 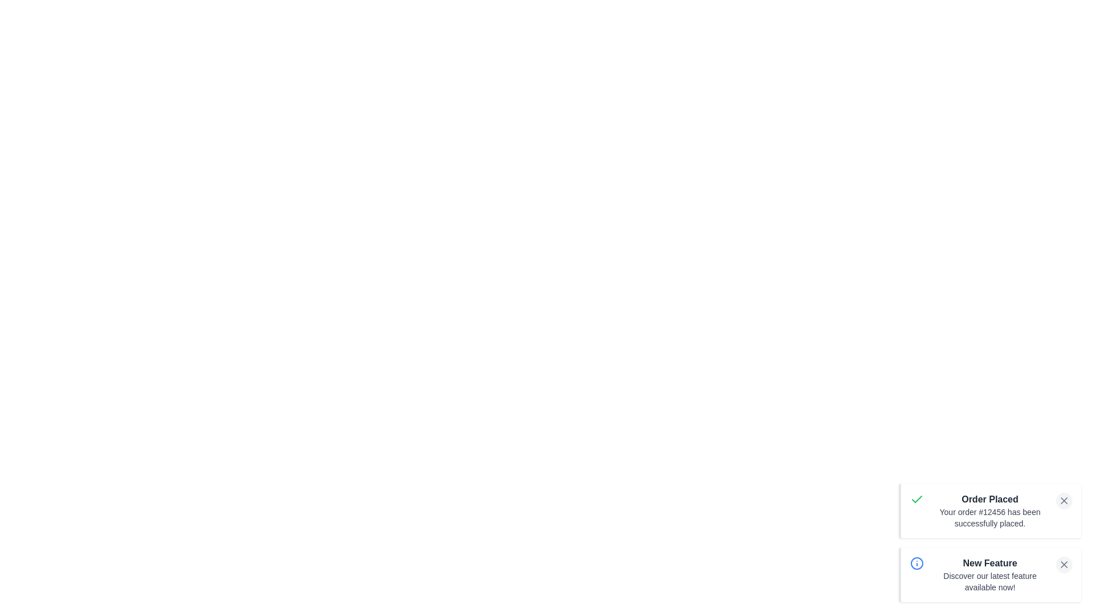 What do you see at coordinates (989, 542) in the screenshot?
I see `the notification area to focus on it` at bounding box center [989, 542].